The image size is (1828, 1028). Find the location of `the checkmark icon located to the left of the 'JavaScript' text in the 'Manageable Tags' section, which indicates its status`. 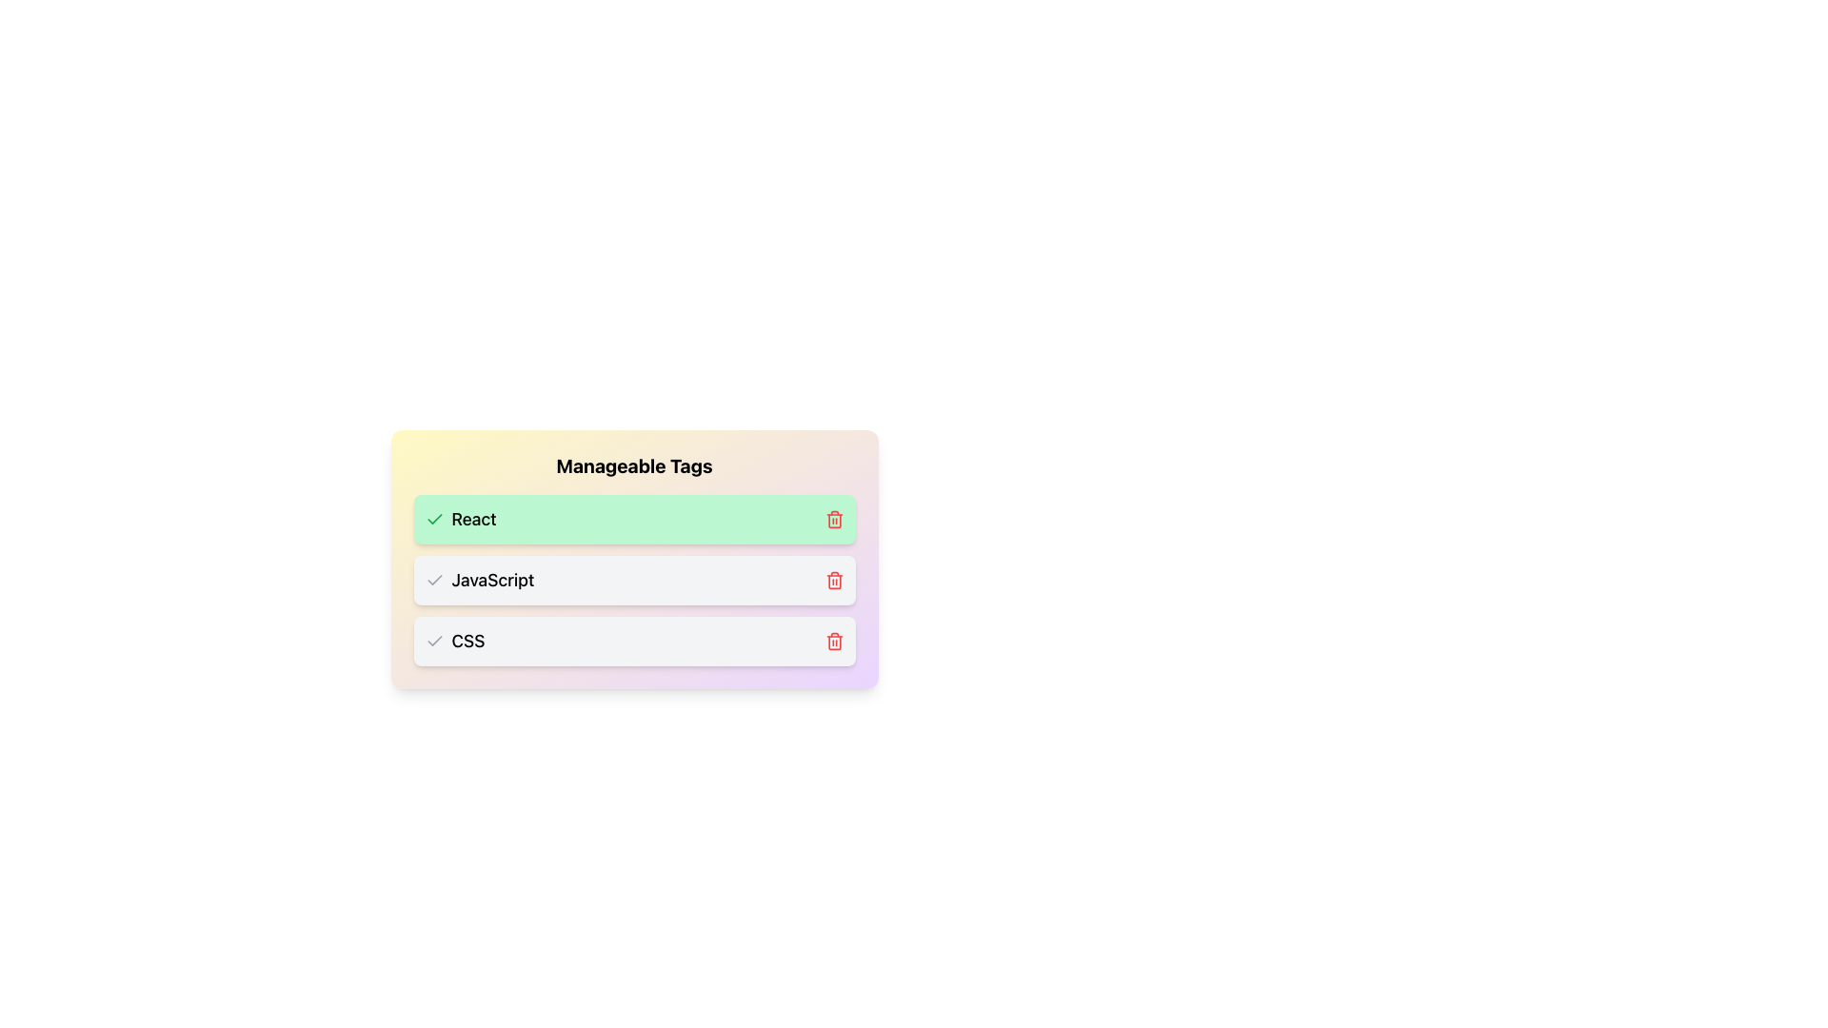

the checkmark icon located to the left of the 'JavaScript' text in the 'Manageable Tags' section, which indicates its status is located at coordinates (433, 579).